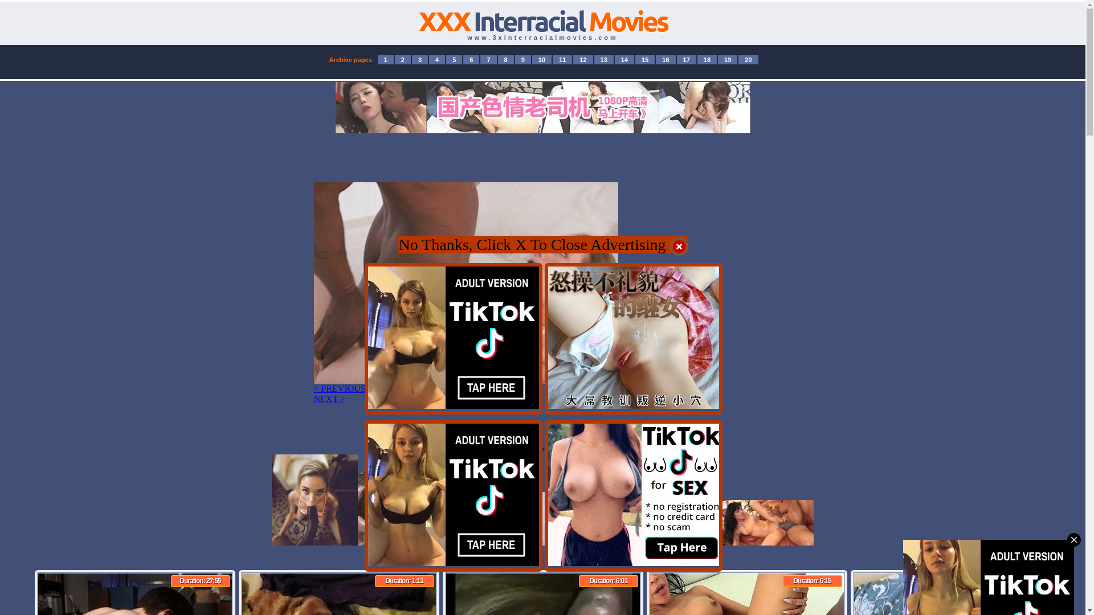  What do you see at coordinates (582, 59) in the screenshot?
I see `'12'` at bounding box center [582, 59].